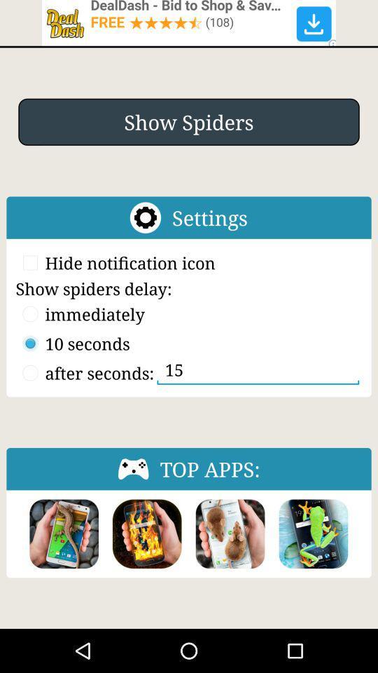 The width and height of the screenshot is (378, 673). What do you see at coordinates (63, 533) in the screenshot?
I see `game option` at bounding box center [63, 533].